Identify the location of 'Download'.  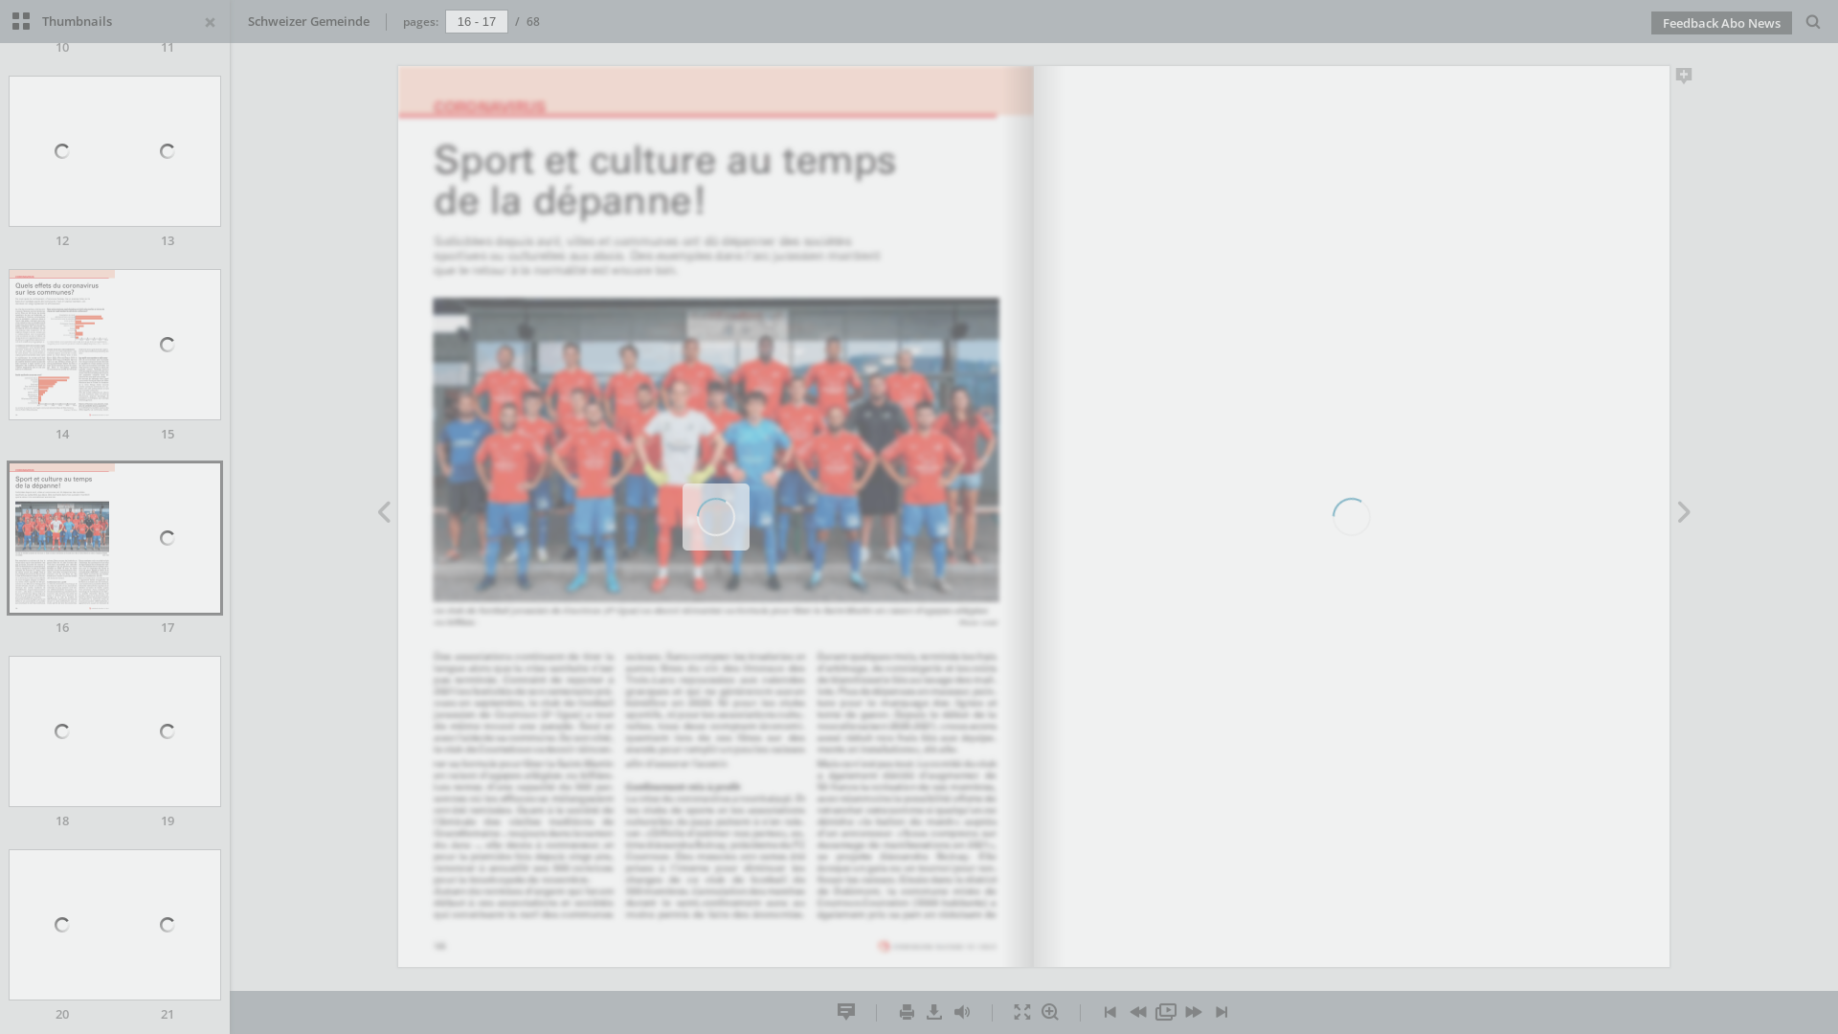
(920, 1011).